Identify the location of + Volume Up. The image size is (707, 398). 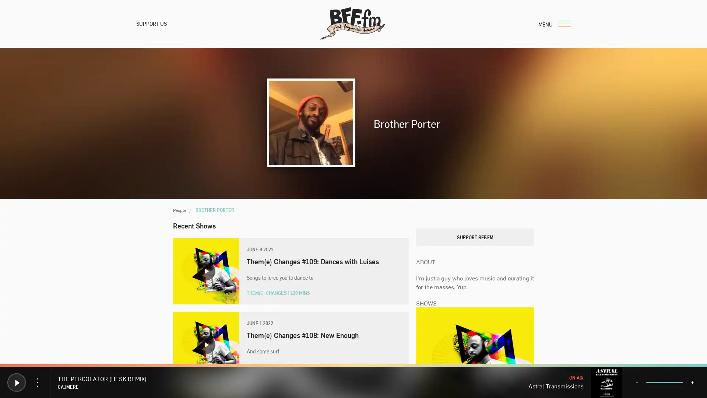
(692, 382).